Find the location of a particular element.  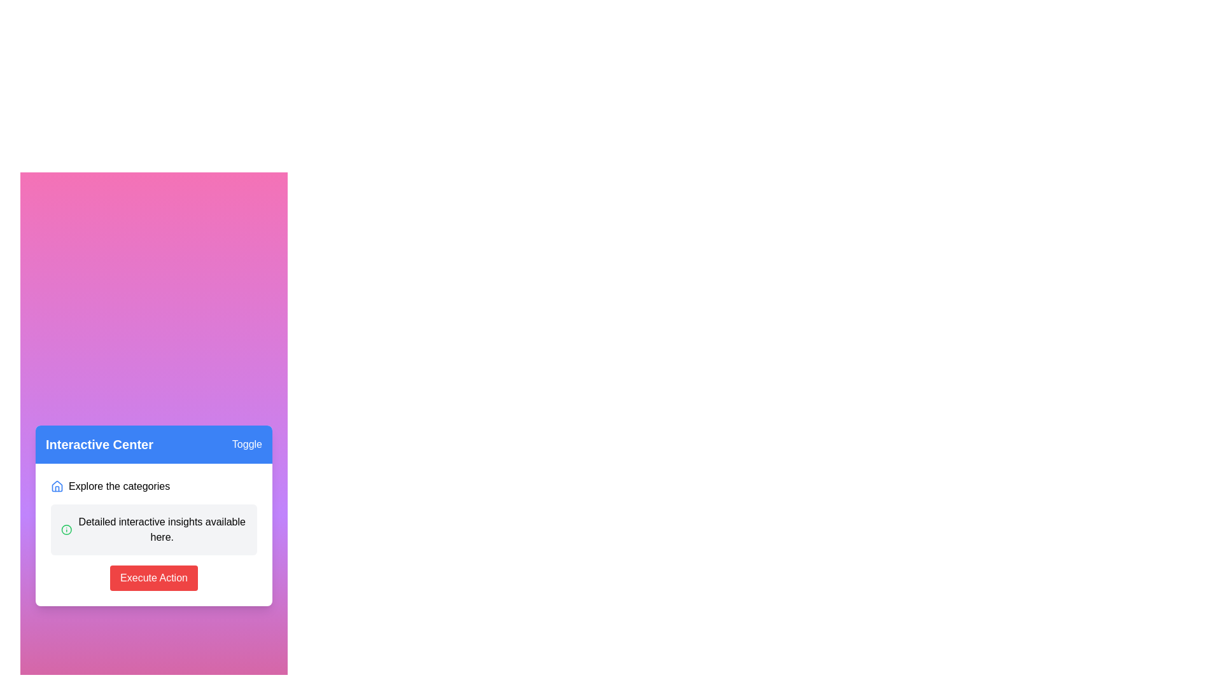

the text label that introduces the clickable or informational section related to exploring categories, positioned beneath the blue header labeled 'Interactive Center' is located at coordinates (119, 486).